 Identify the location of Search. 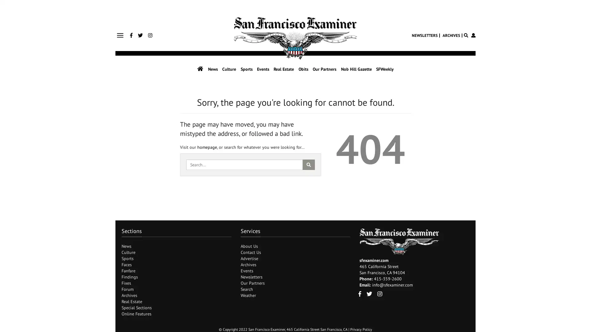
(308, 164).